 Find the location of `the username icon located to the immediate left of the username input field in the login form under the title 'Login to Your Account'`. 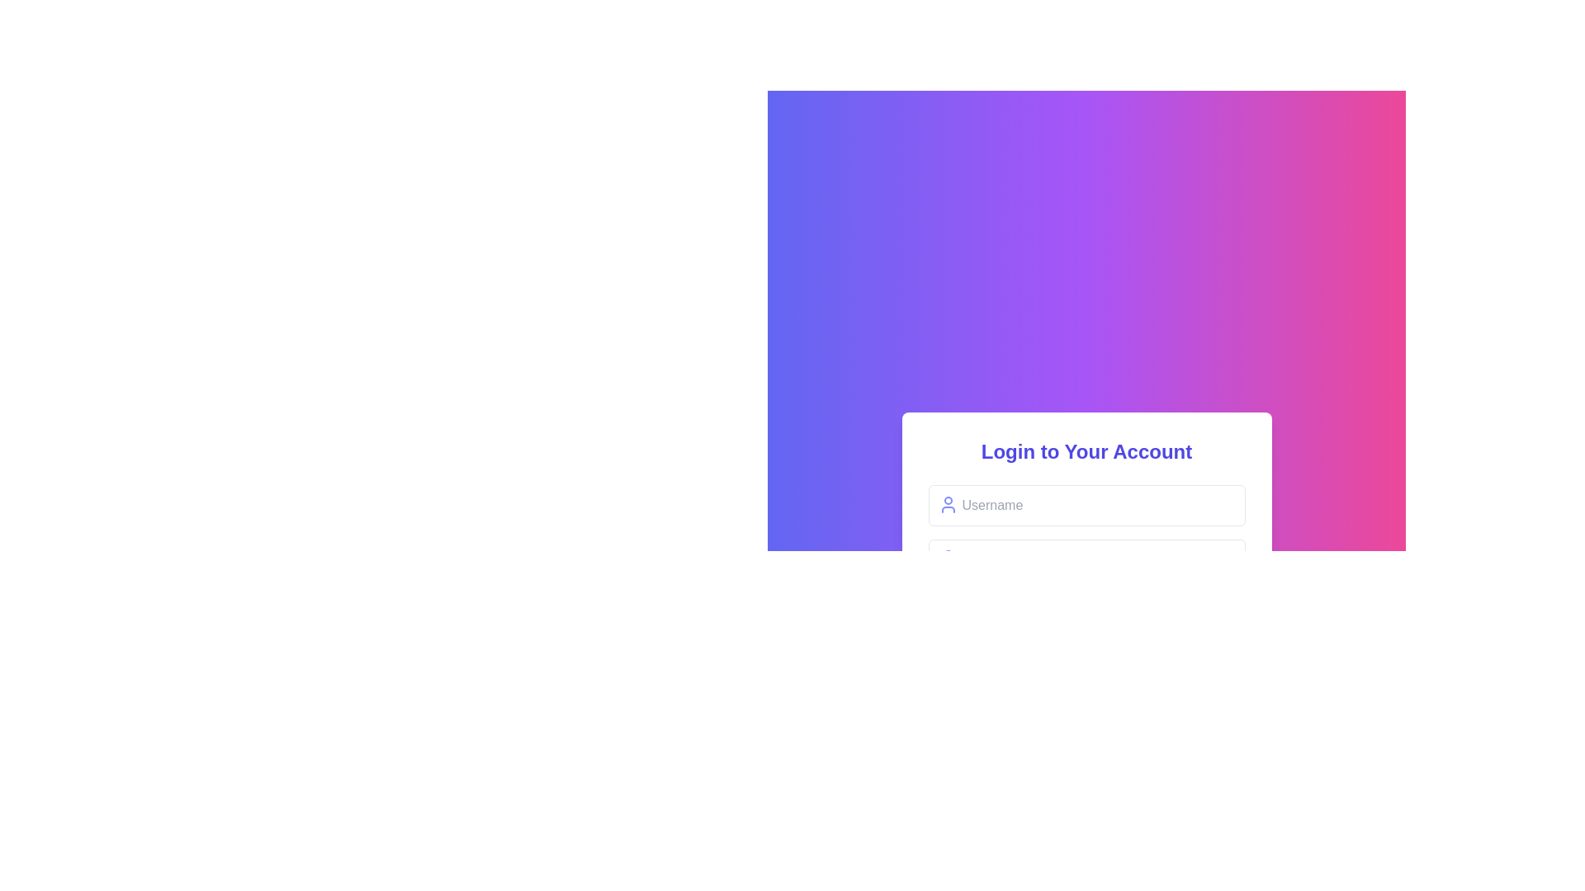

the username icon located to the immediate left of the username input field in the login form under the title 'Login to Your Account' is located at coordinates (948, 504).